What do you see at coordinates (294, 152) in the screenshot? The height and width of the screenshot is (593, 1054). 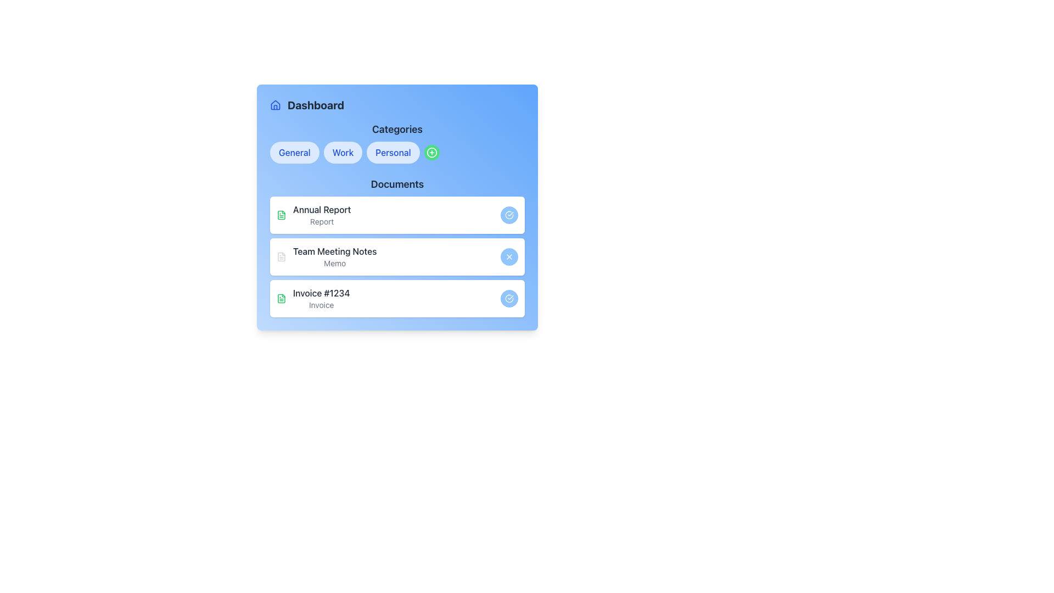 I see `the rounded rectangular button labeled 'General'` at bounding box center [294, 152].